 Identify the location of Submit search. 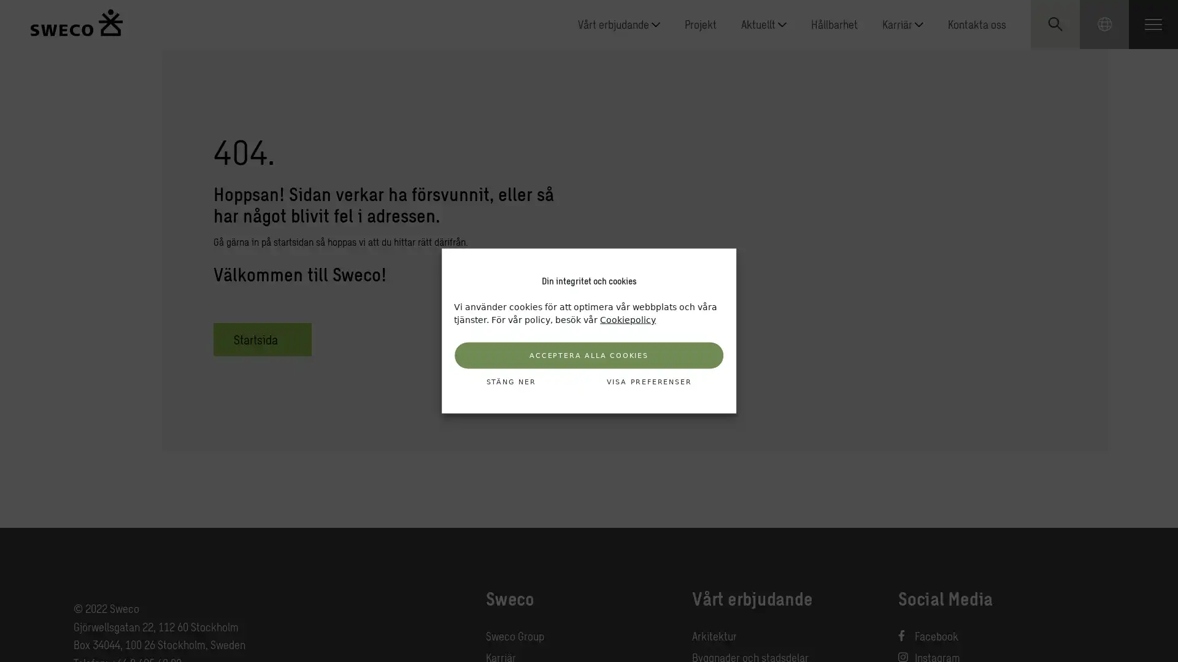
(1078, 135).